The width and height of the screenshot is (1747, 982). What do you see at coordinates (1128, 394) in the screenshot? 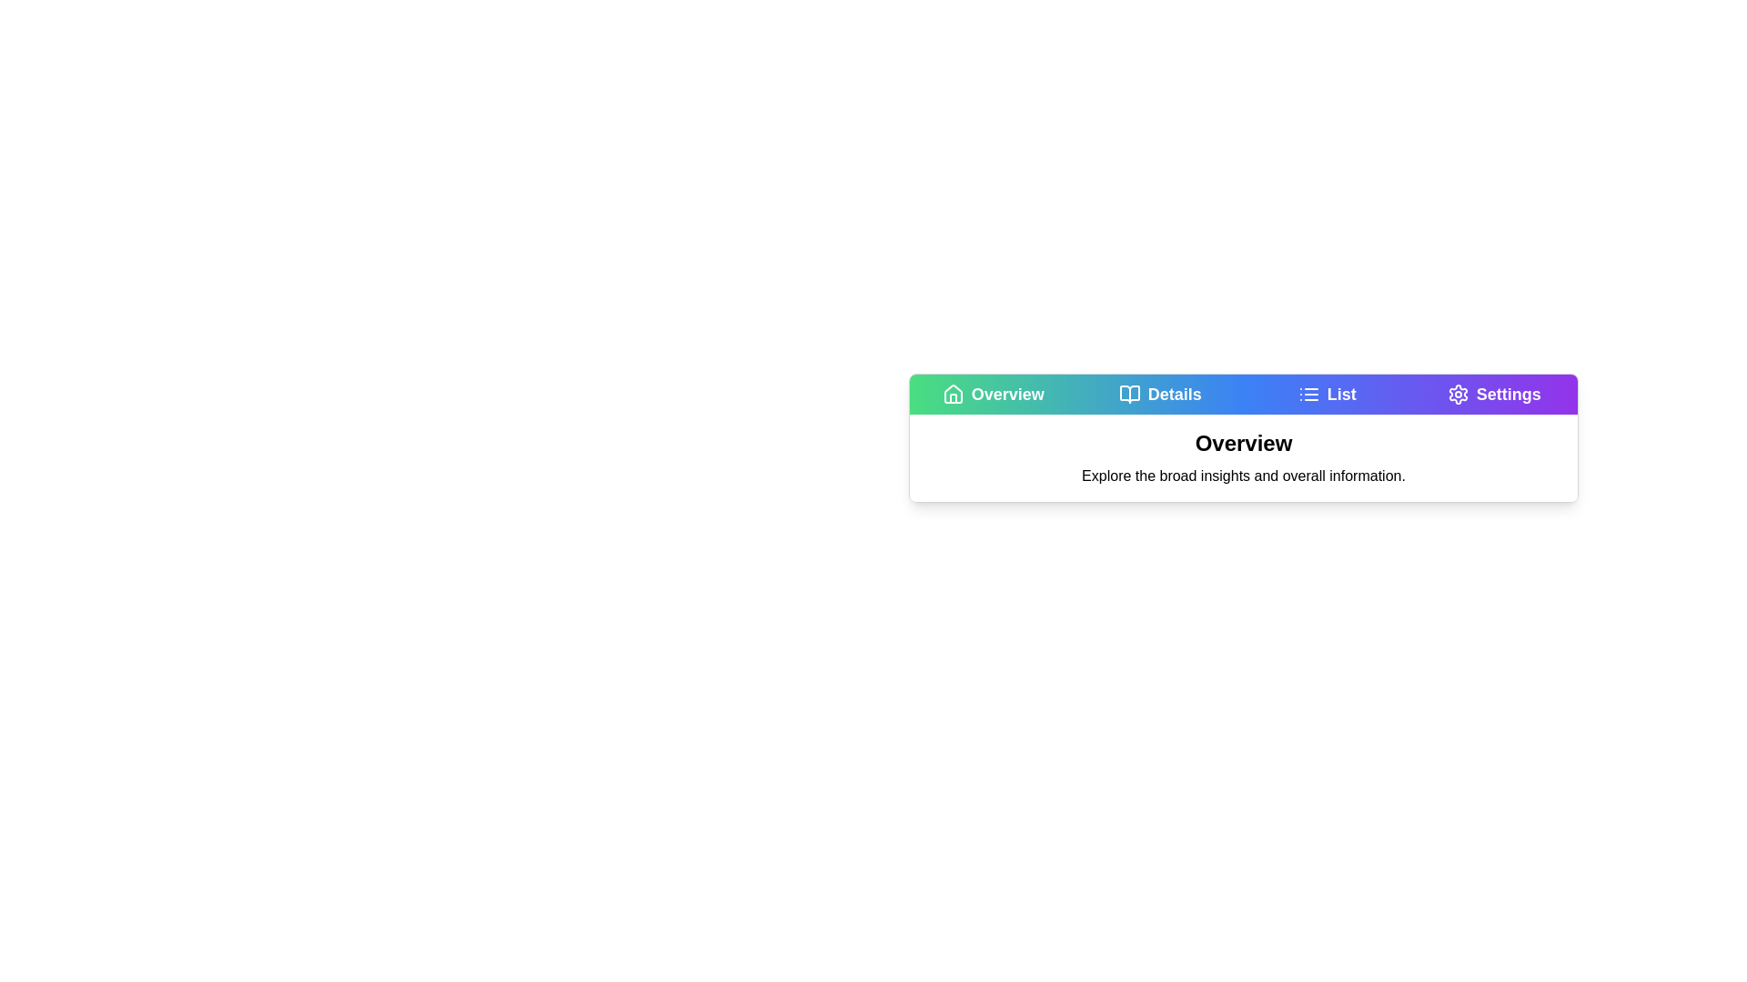
I see `the open book icon in the Details section of the navigation bar` at bounding box center [1128, 394].